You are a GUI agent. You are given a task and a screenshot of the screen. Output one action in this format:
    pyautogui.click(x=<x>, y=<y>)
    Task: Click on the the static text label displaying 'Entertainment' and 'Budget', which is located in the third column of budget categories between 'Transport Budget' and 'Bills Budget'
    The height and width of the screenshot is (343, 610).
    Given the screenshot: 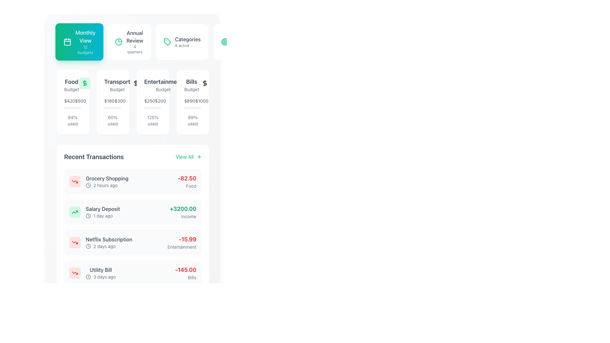 What is the action you would take?
    pyautogui.click(x=152, y=84)
    